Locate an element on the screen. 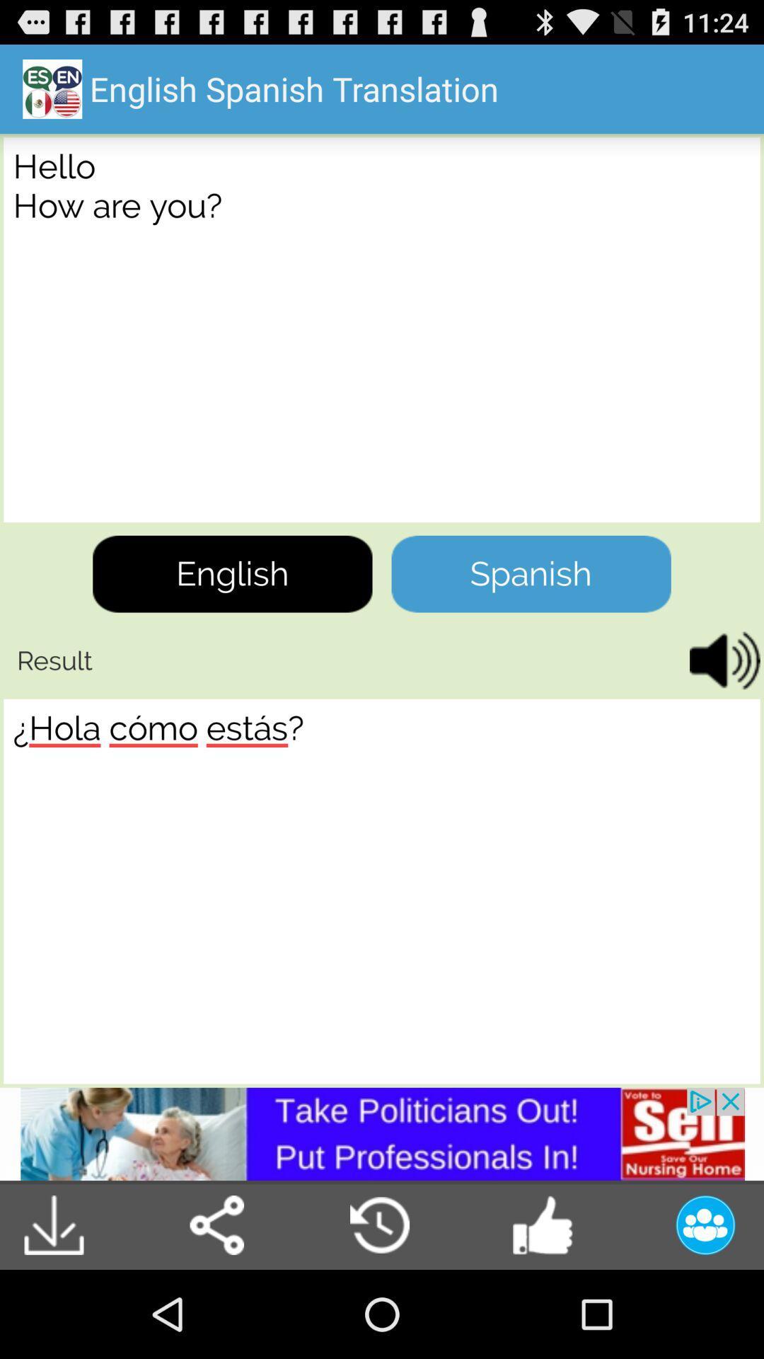  the volume option below spanish is located at coordinates (720, 660).